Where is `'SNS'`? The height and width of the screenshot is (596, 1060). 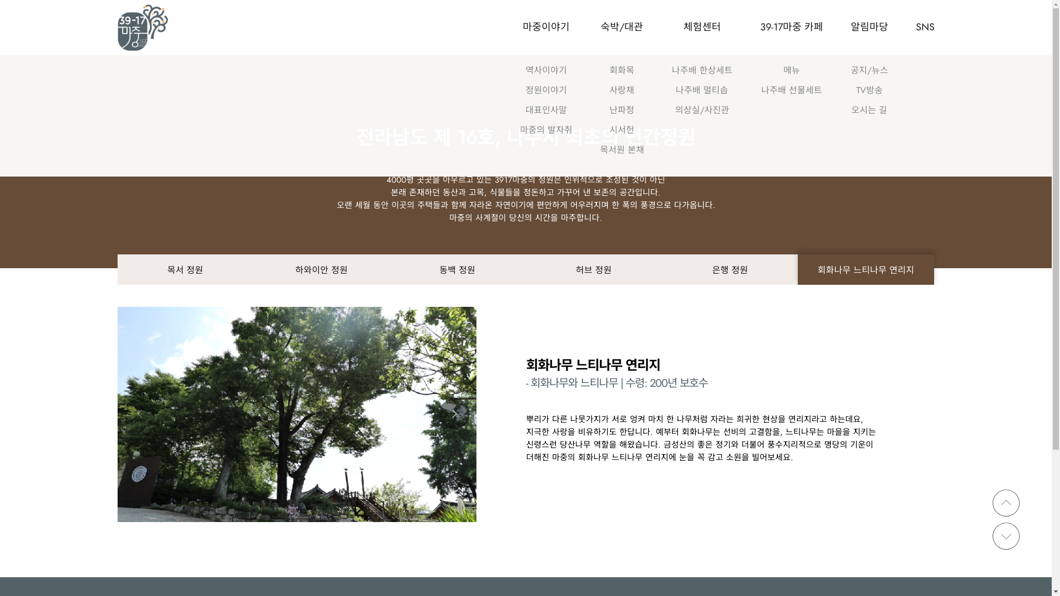
'SNS' is located at coordinates (925, 27).